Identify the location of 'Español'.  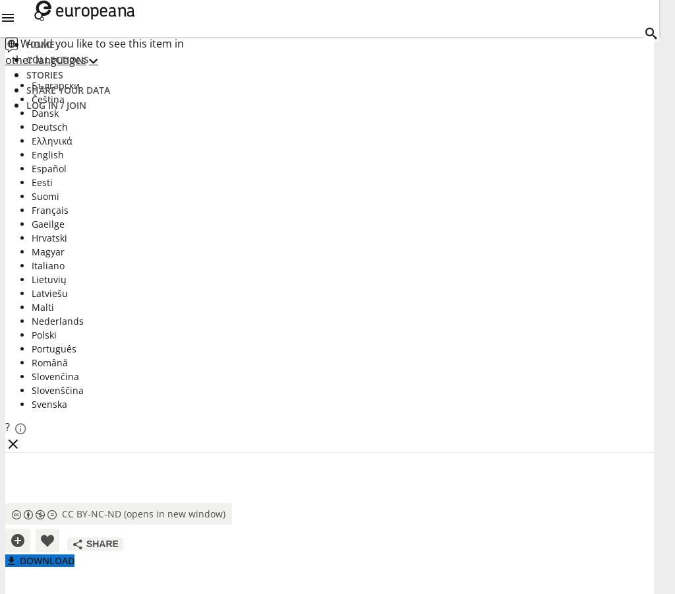
(31, 168).